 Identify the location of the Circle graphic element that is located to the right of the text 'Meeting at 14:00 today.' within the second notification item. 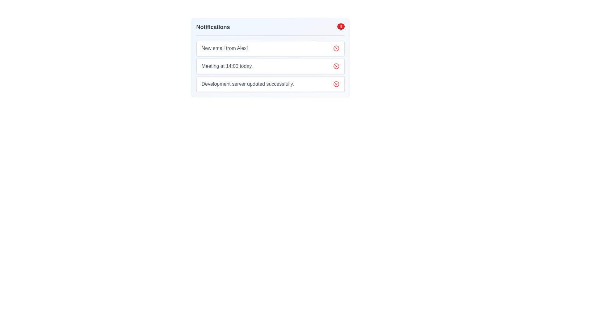
(336, 66).